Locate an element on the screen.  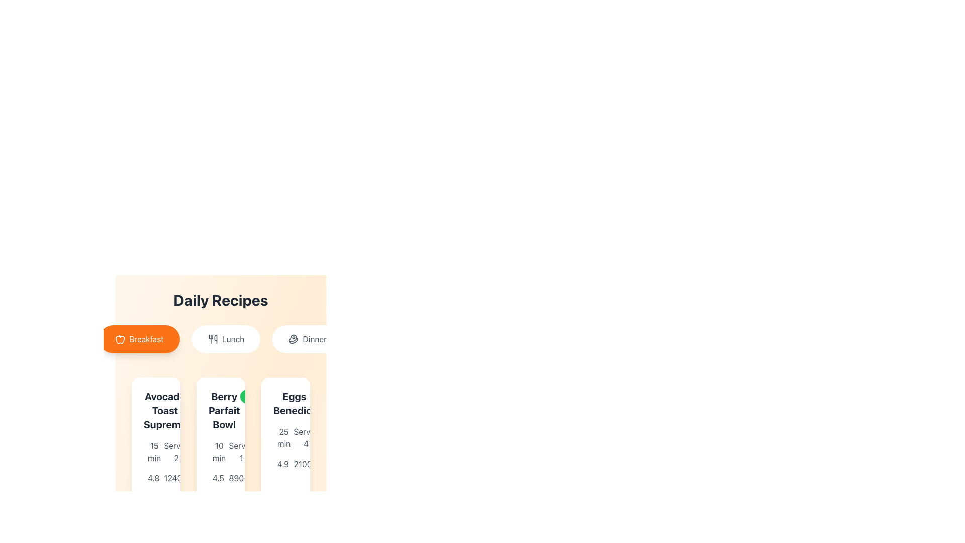
the star-shaped icon representing the rating feature within the 'Eggs Benedict' recipe card to interact with the rating is located at coordinates (279, 465).